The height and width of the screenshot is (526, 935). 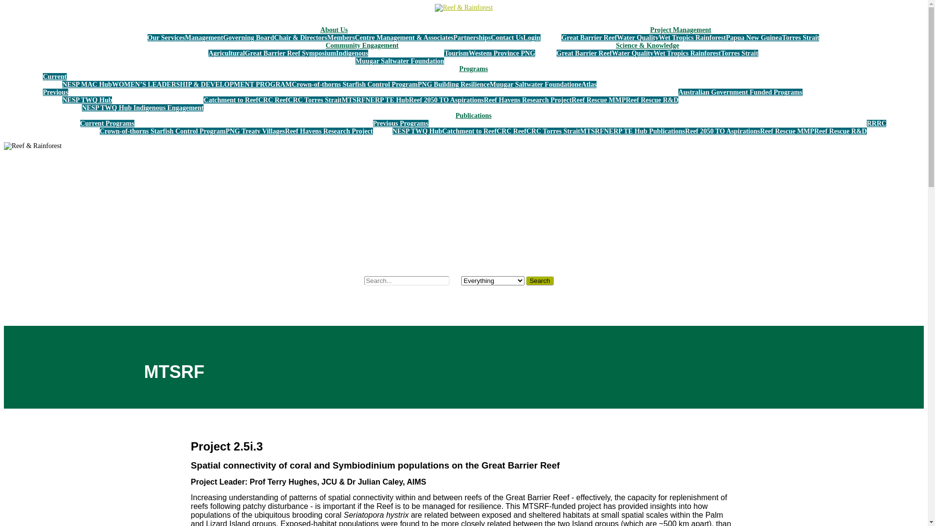 What do you see at coordinates (469, 131) in the screenshot?
I see `'Catchment to Reef'` at bounding box center [469, 131].